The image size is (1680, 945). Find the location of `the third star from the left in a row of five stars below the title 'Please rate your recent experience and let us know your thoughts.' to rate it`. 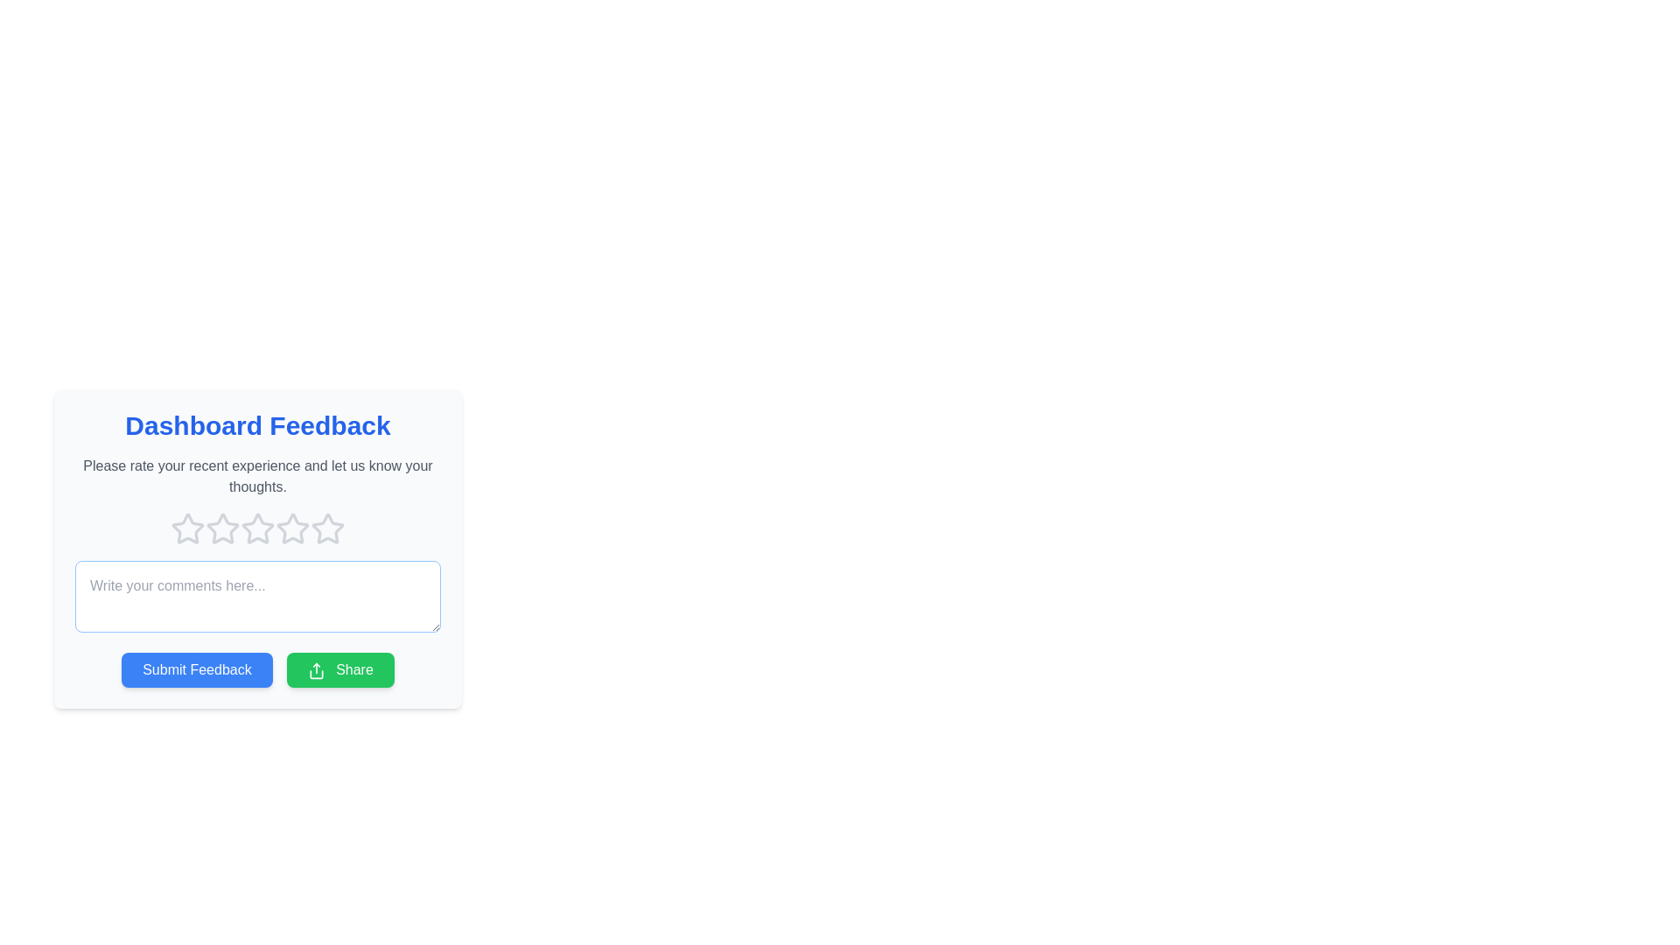

the third star from the left in a row of five stars below the title 'Please rate your recent experience and let us know your thoughts.' to rate it is located at coordinates (256, 528).